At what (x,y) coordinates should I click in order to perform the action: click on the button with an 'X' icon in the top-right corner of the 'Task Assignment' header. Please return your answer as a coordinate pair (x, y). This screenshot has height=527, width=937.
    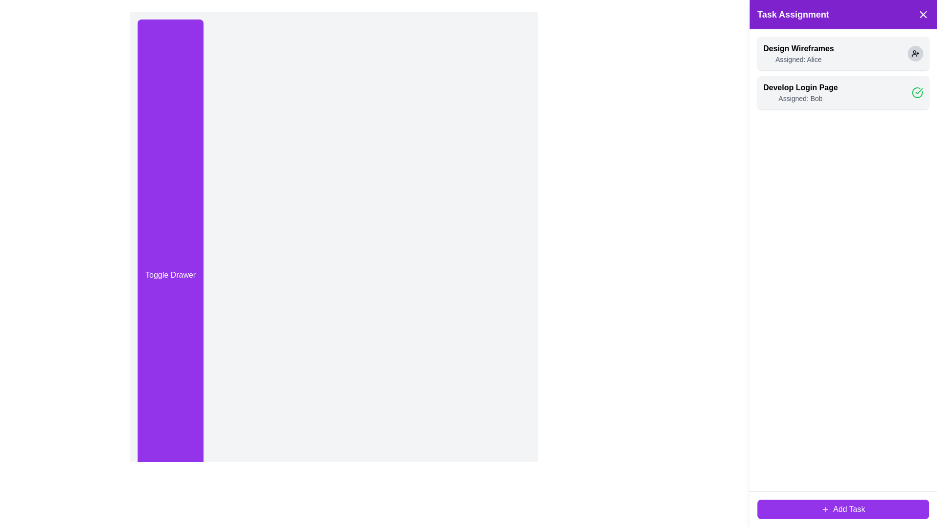
    Looking at the image, I should click on (922, 15).